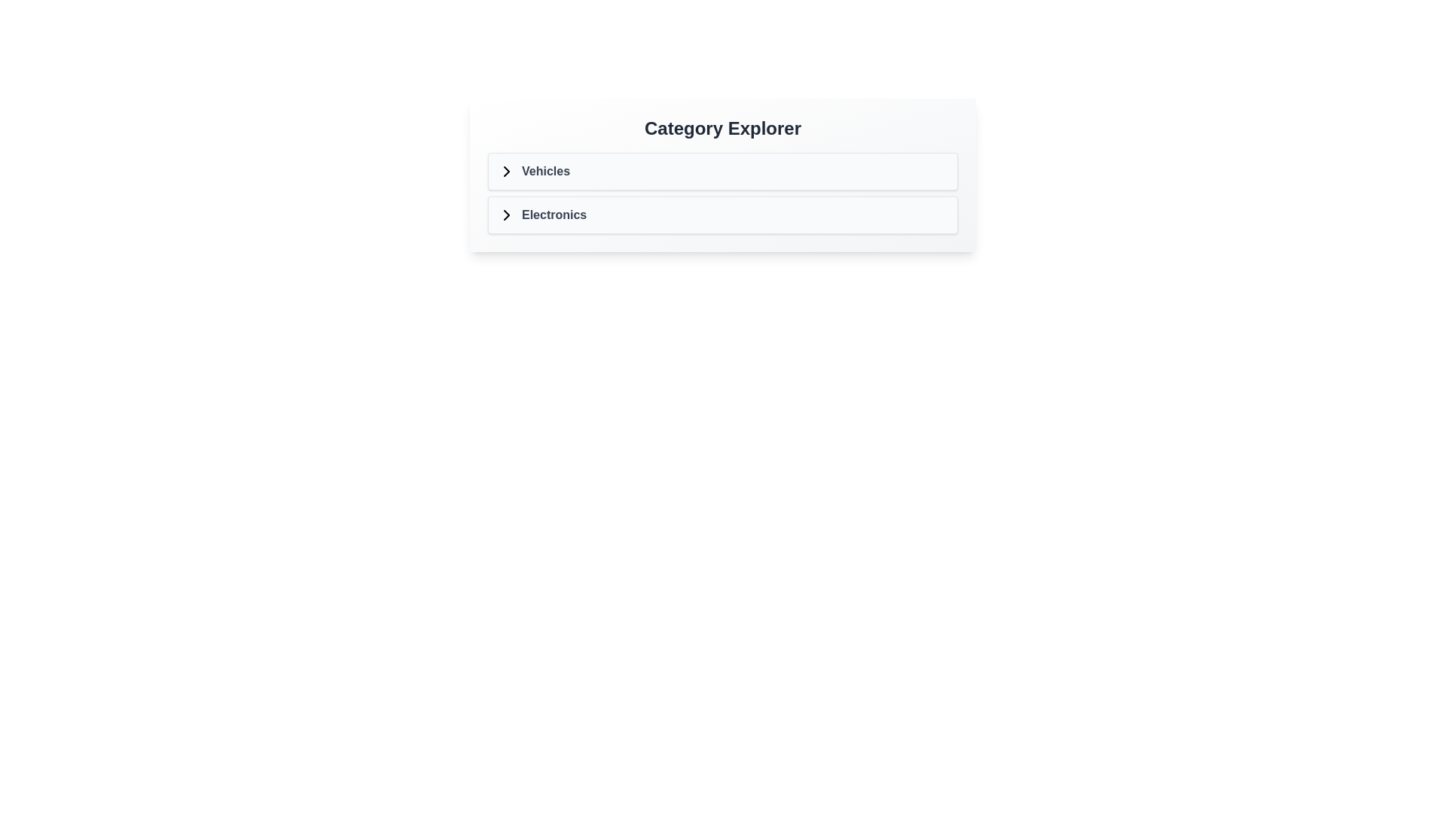 Image resolution: width=1446 pixels, height=813 pixels. What do you see at coordinates (506, 215) in the screenshot?
I see `the Chevron Icon located to the left of the 'Electronics' label in the 'Category Explorer' interface` at bounding box center [506, 215].